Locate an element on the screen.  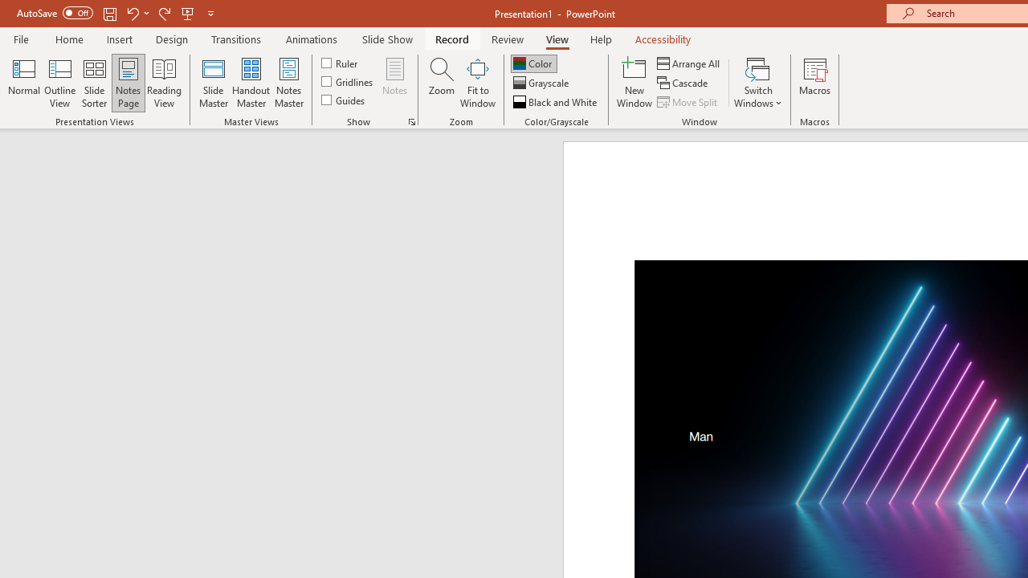
'Zoom...' is located at coordinates (441, 83).